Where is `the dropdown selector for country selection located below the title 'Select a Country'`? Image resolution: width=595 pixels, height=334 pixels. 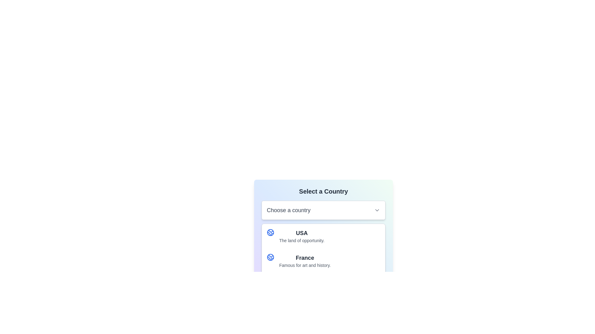
the dropdown selector for country selection located below the title 'Select a Country' is located at coordinates (323, 210).